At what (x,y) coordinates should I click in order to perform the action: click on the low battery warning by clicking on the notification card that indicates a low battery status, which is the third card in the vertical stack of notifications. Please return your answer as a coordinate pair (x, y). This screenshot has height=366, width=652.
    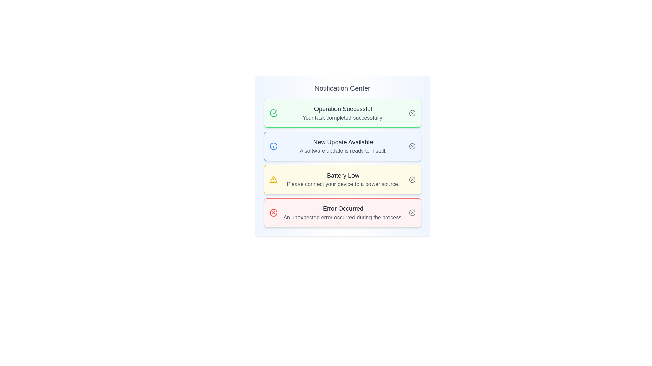
    Looking at the image, I should click on (343, 179).